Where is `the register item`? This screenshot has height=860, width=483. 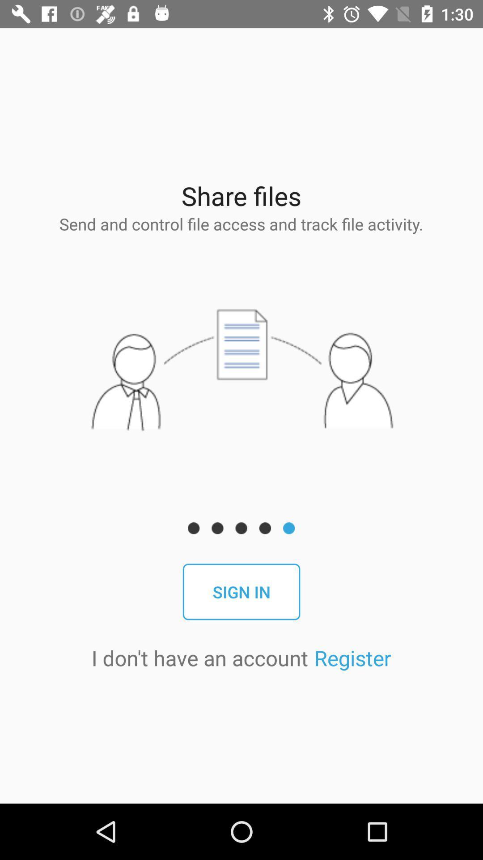
the register item is located at coordinates (352, 658).